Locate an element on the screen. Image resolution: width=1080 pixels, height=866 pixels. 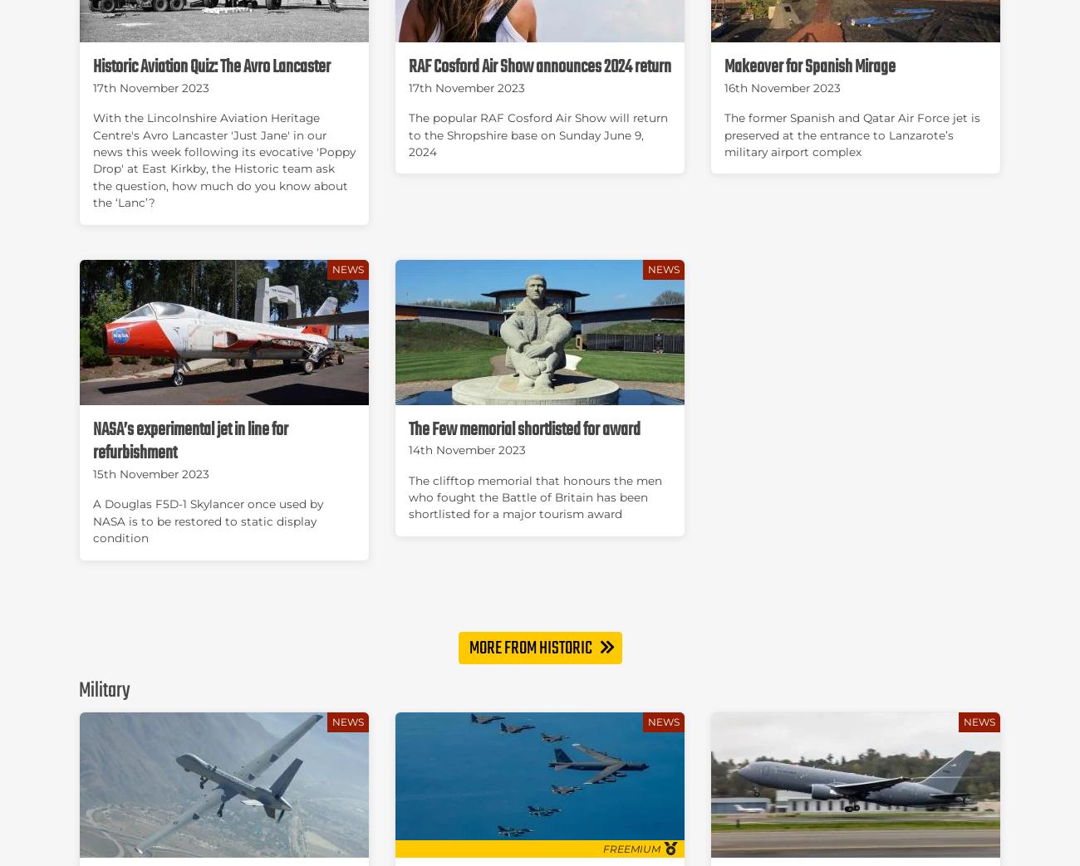
'Historic Aviation Quiz: The Avro Lancaster' is located at coordinates (92, 66).